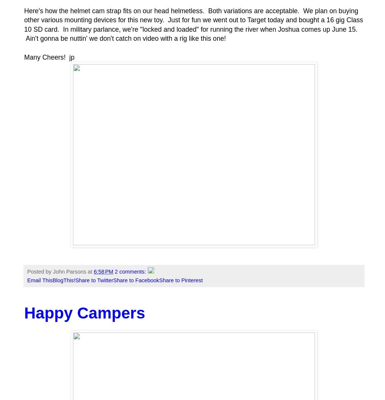 The image size is (385, 400). I want to click on 'Share to Pinterest', so click(181, 280).